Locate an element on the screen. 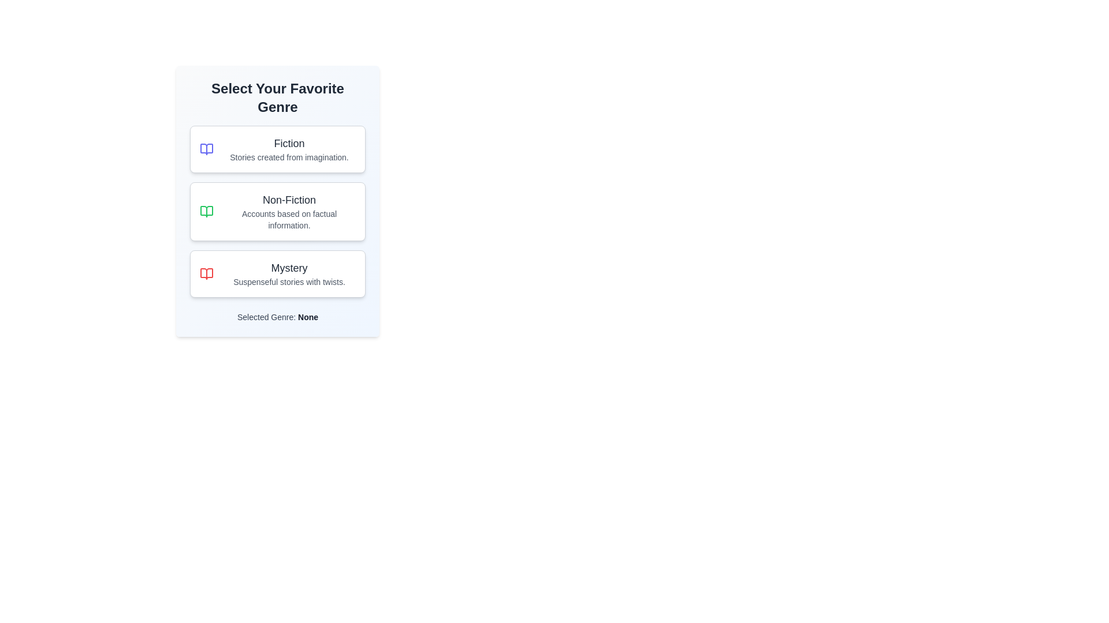 This screenshot has width=1109, height=623. text label displaying 'Mystery' located at the top of the third card in a vertically stacked list of cards is located at coordinates (289, 268).